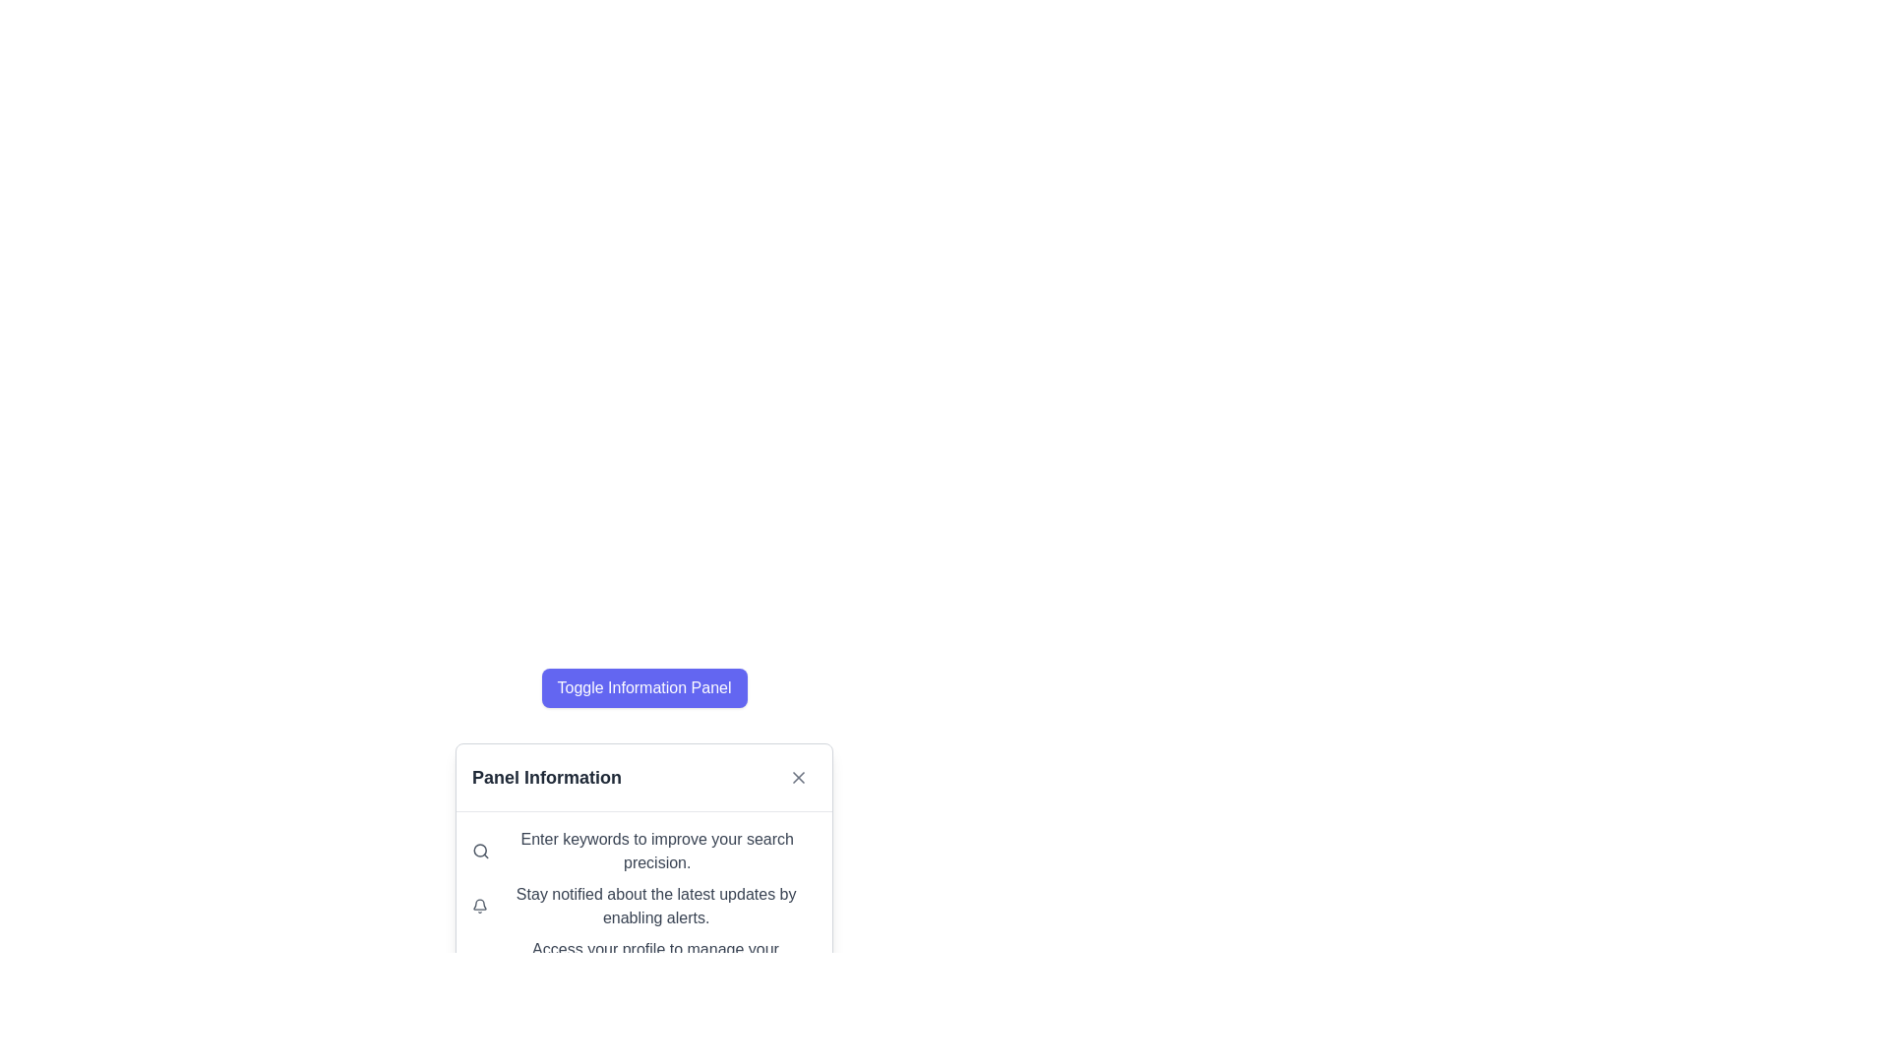 This screenshot has width=1889, height=1062. Describe the element at coordinates (655, 961) in the screenshot. I see `the informational textual label advising users` at that location.